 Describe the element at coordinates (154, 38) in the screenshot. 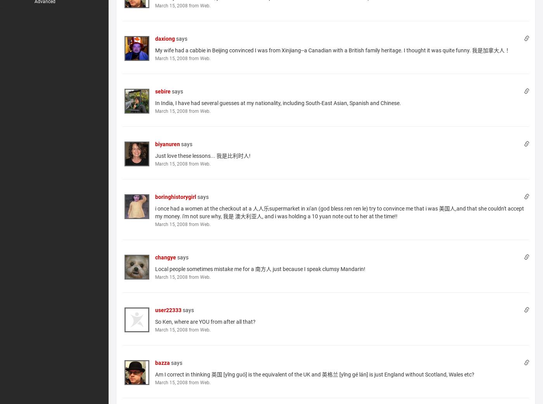

I see `'daxiong'` at that location.